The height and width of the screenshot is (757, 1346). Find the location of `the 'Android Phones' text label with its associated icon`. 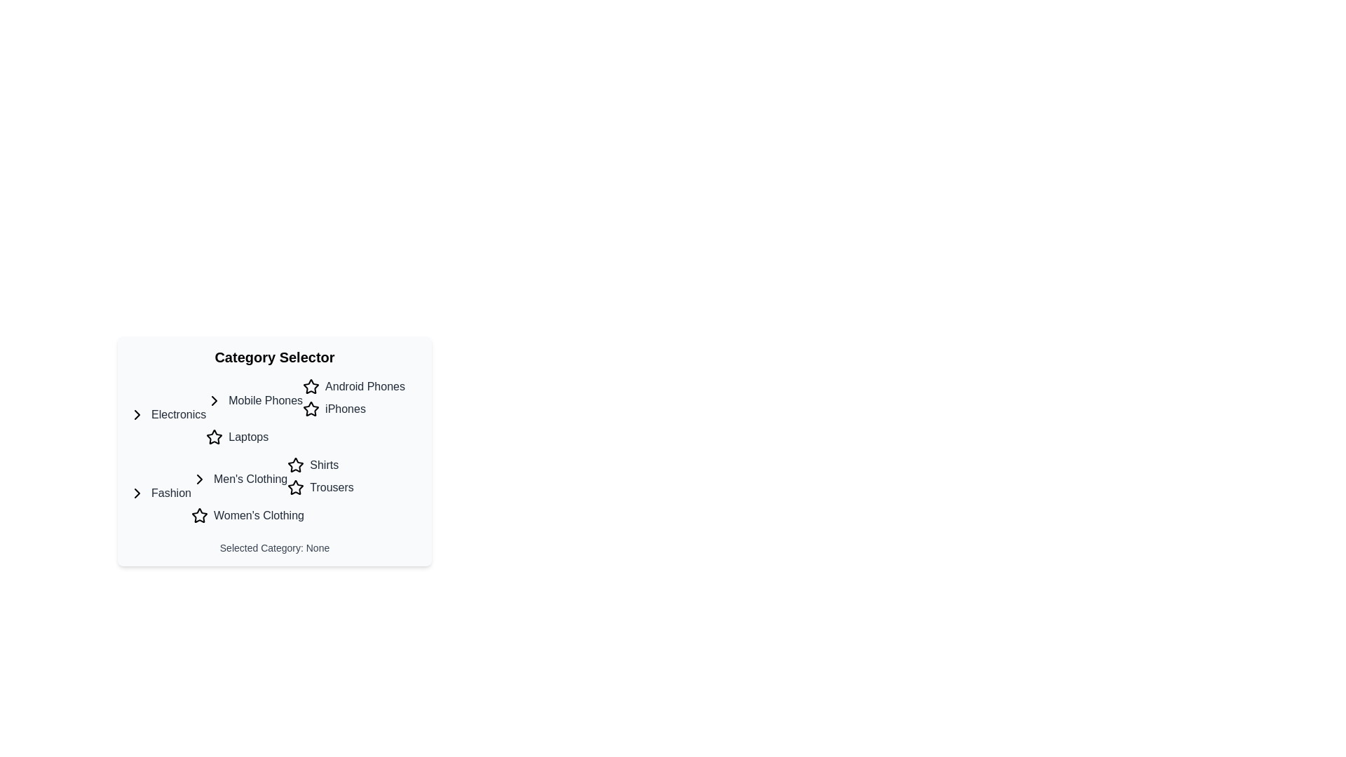

the 'Android Phones' text label with its associated icon is located at coordinates (353, 386).